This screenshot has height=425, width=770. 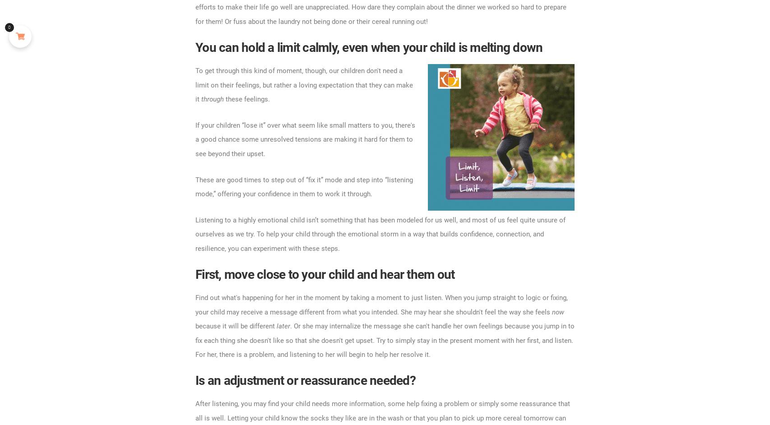 What do you see at coordinates (195, 325) in the screenshot?
I see `'because it will be different'` at bounding box center [195, 325].